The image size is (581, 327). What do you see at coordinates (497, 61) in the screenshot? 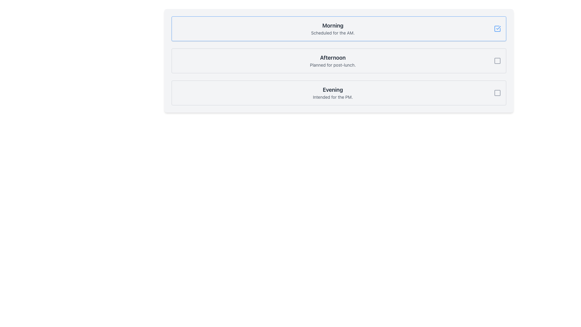
I see `the gray square icon with rounded corners located next to the 'Afternoon' label` at bounding box center [497, 61].